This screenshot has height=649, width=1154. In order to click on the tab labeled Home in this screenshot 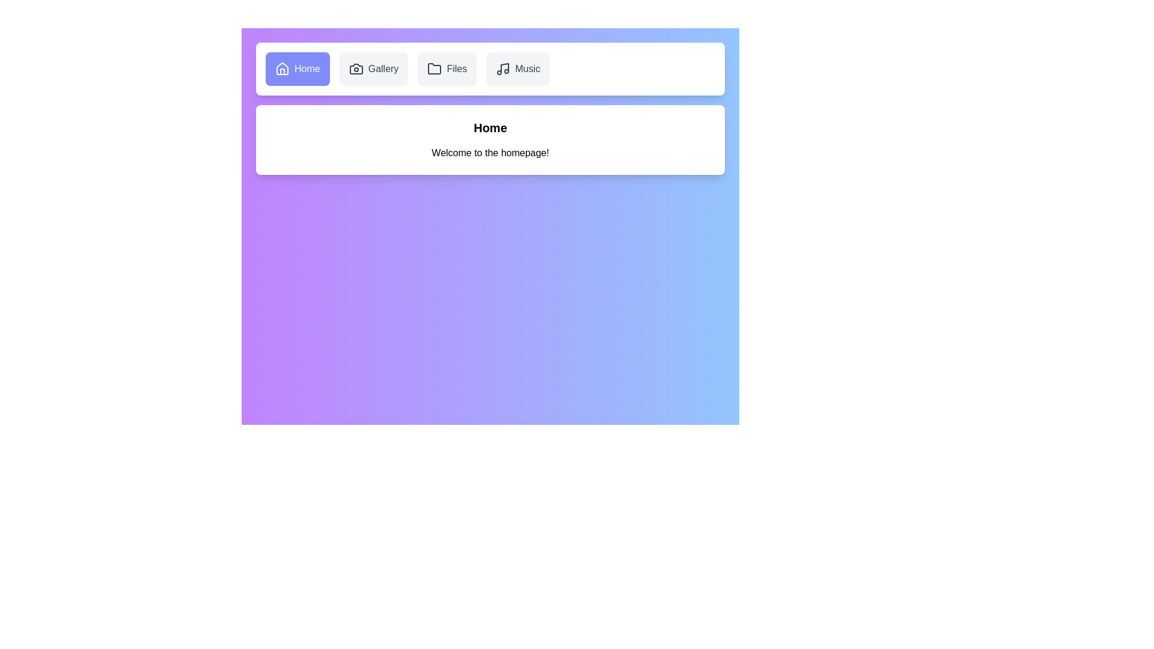, I will do `click(298, 69)`.